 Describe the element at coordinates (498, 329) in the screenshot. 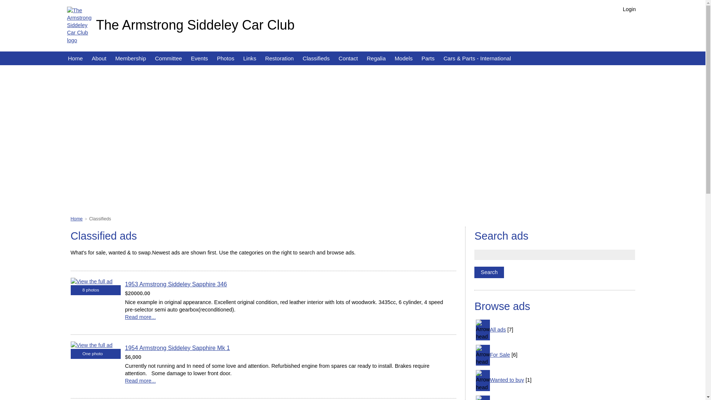

I see `'All ads'` at that location.